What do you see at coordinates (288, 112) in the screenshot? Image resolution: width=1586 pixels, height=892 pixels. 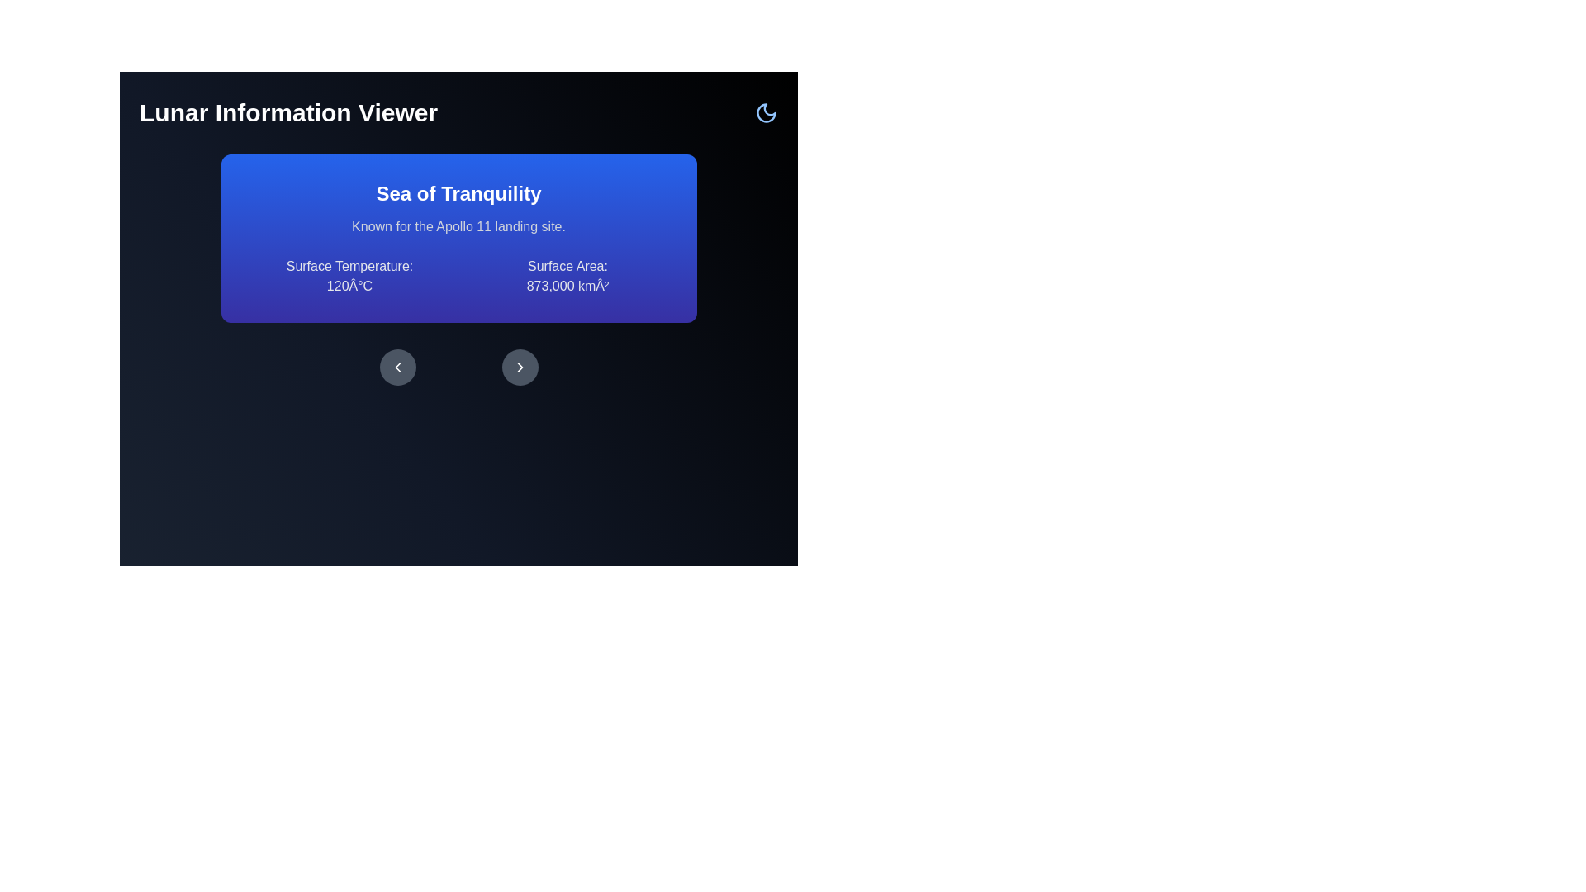 I see `text from the text heading labeled 'Lunar Information Viewer', which is styled in bold, large white font on a dark background` at bounding box center [288, 112].